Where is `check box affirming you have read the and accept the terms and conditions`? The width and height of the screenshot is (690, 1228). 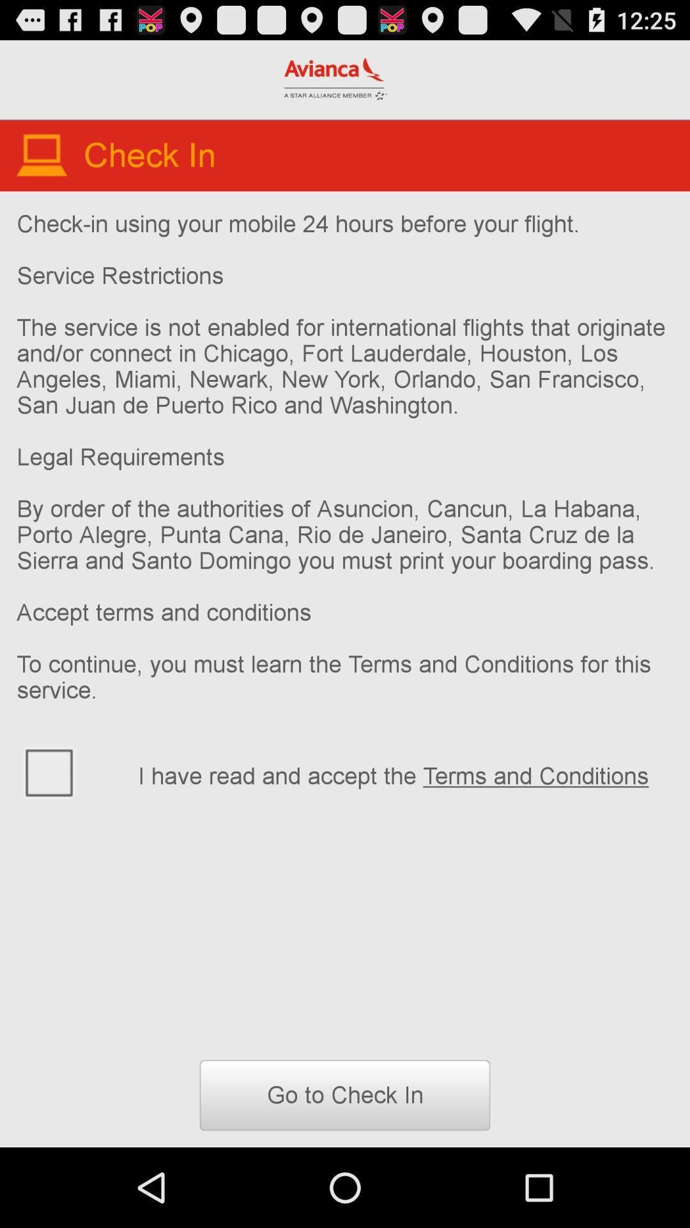
check box affirming you have read the and accept the terms and conditions is located at coordinates (69, 771).